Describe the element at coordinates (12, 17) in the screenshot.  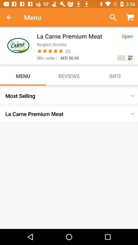
I see `the item next to the menu item` at that location.